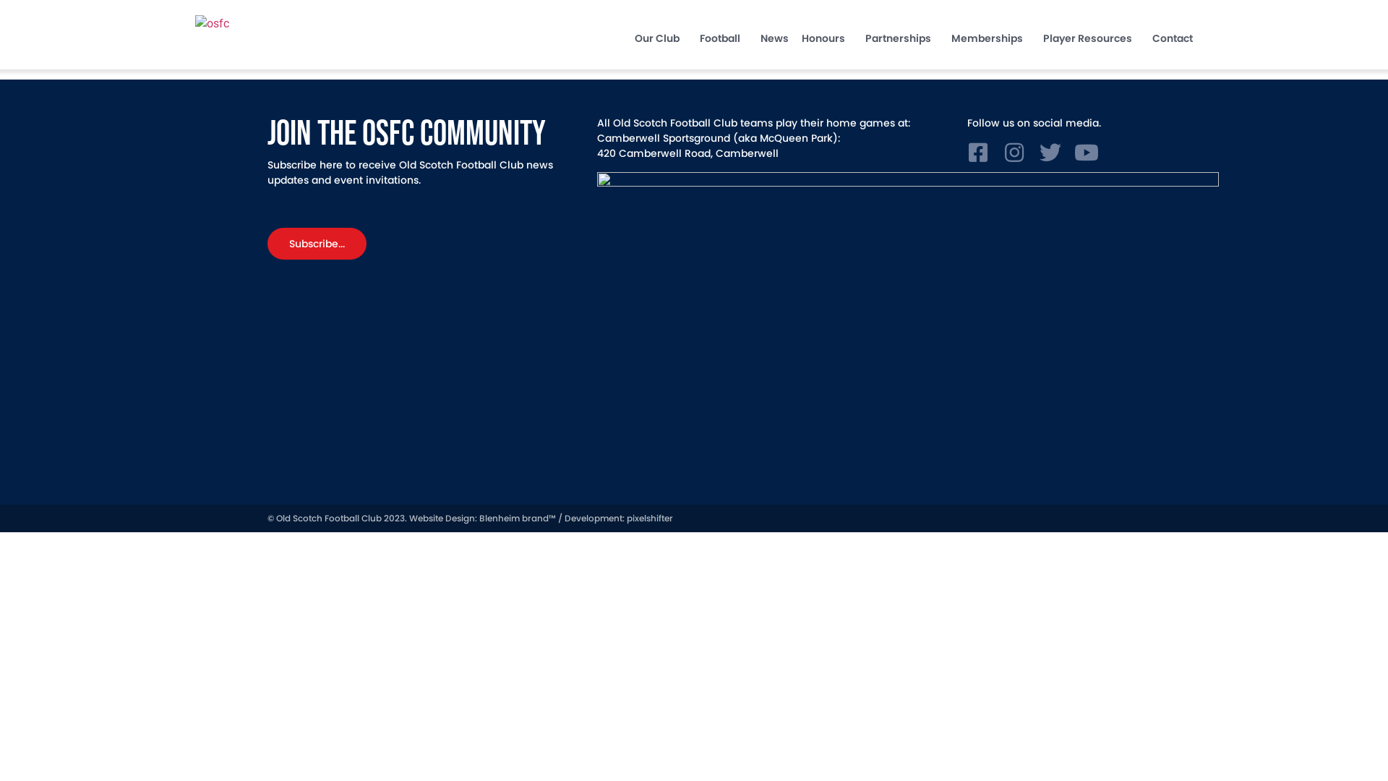 The height and width of the screenshot is (781, 1388). Describe the element at coordinates (659, 38) in the screenshot. I see `'Our Club'` at that location.